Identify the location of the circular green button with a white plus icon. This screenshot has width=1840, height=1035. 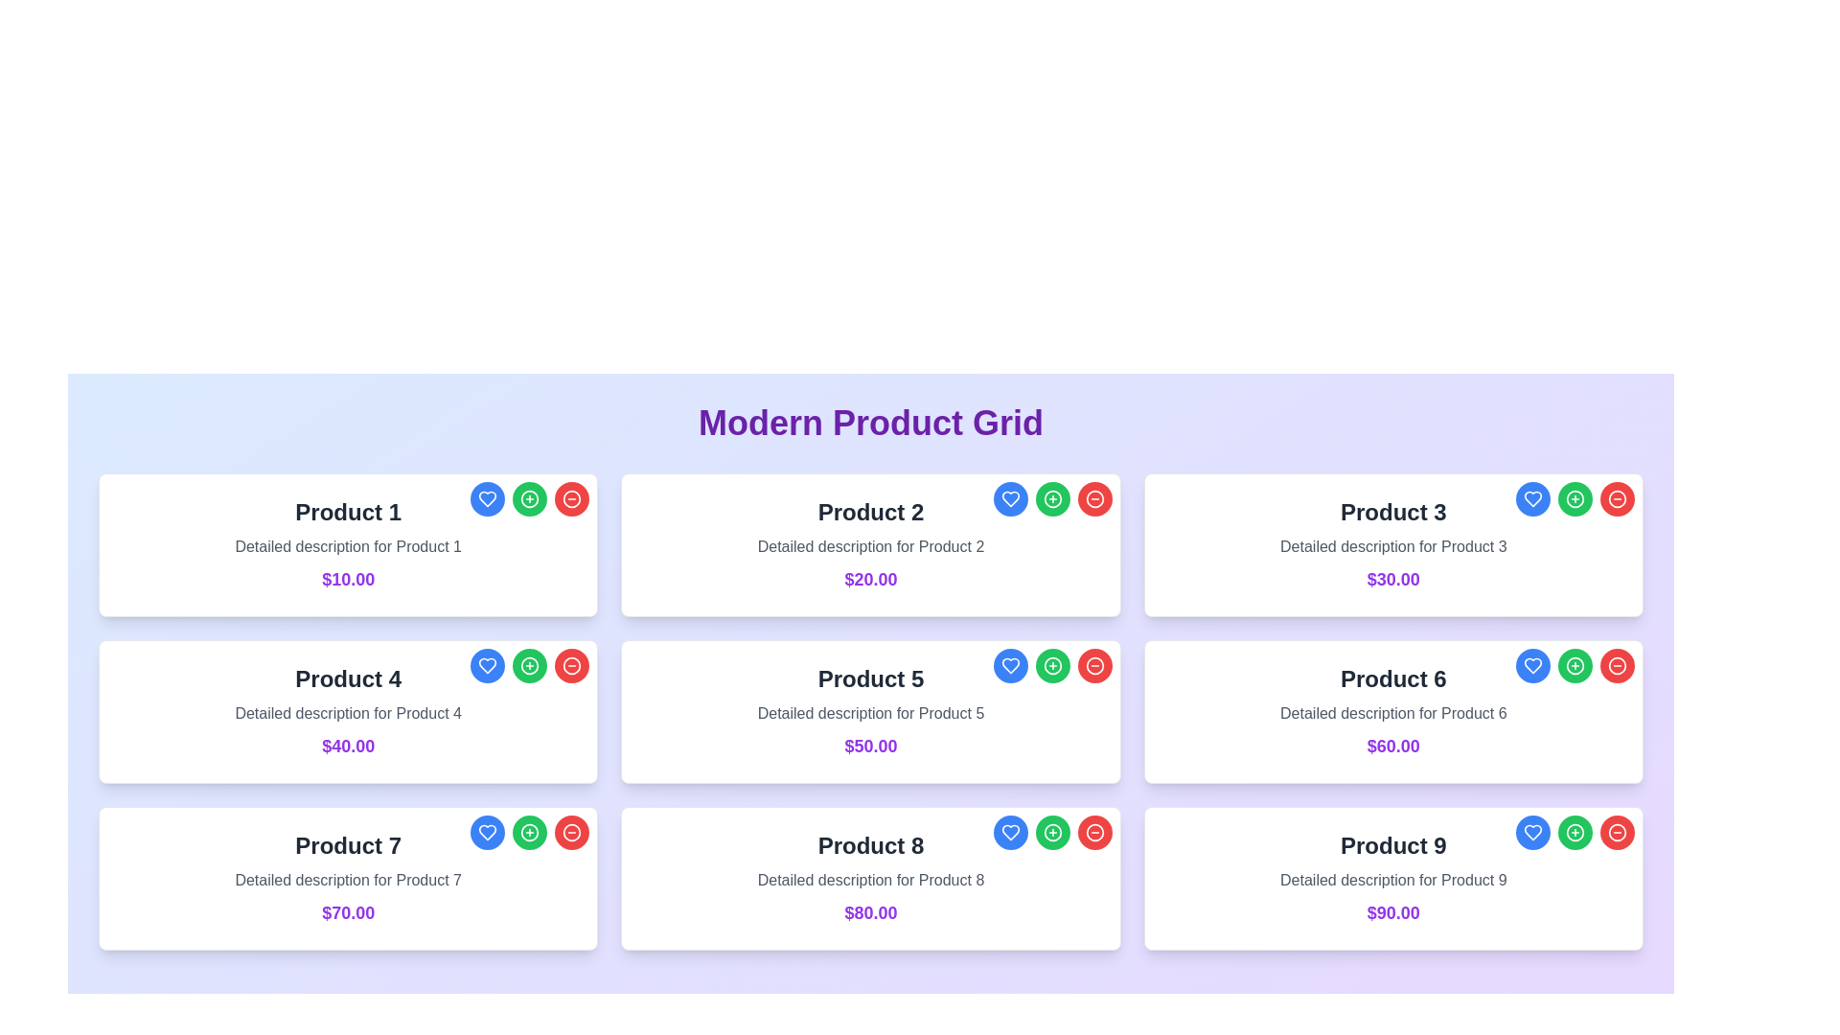
(1051, 831).